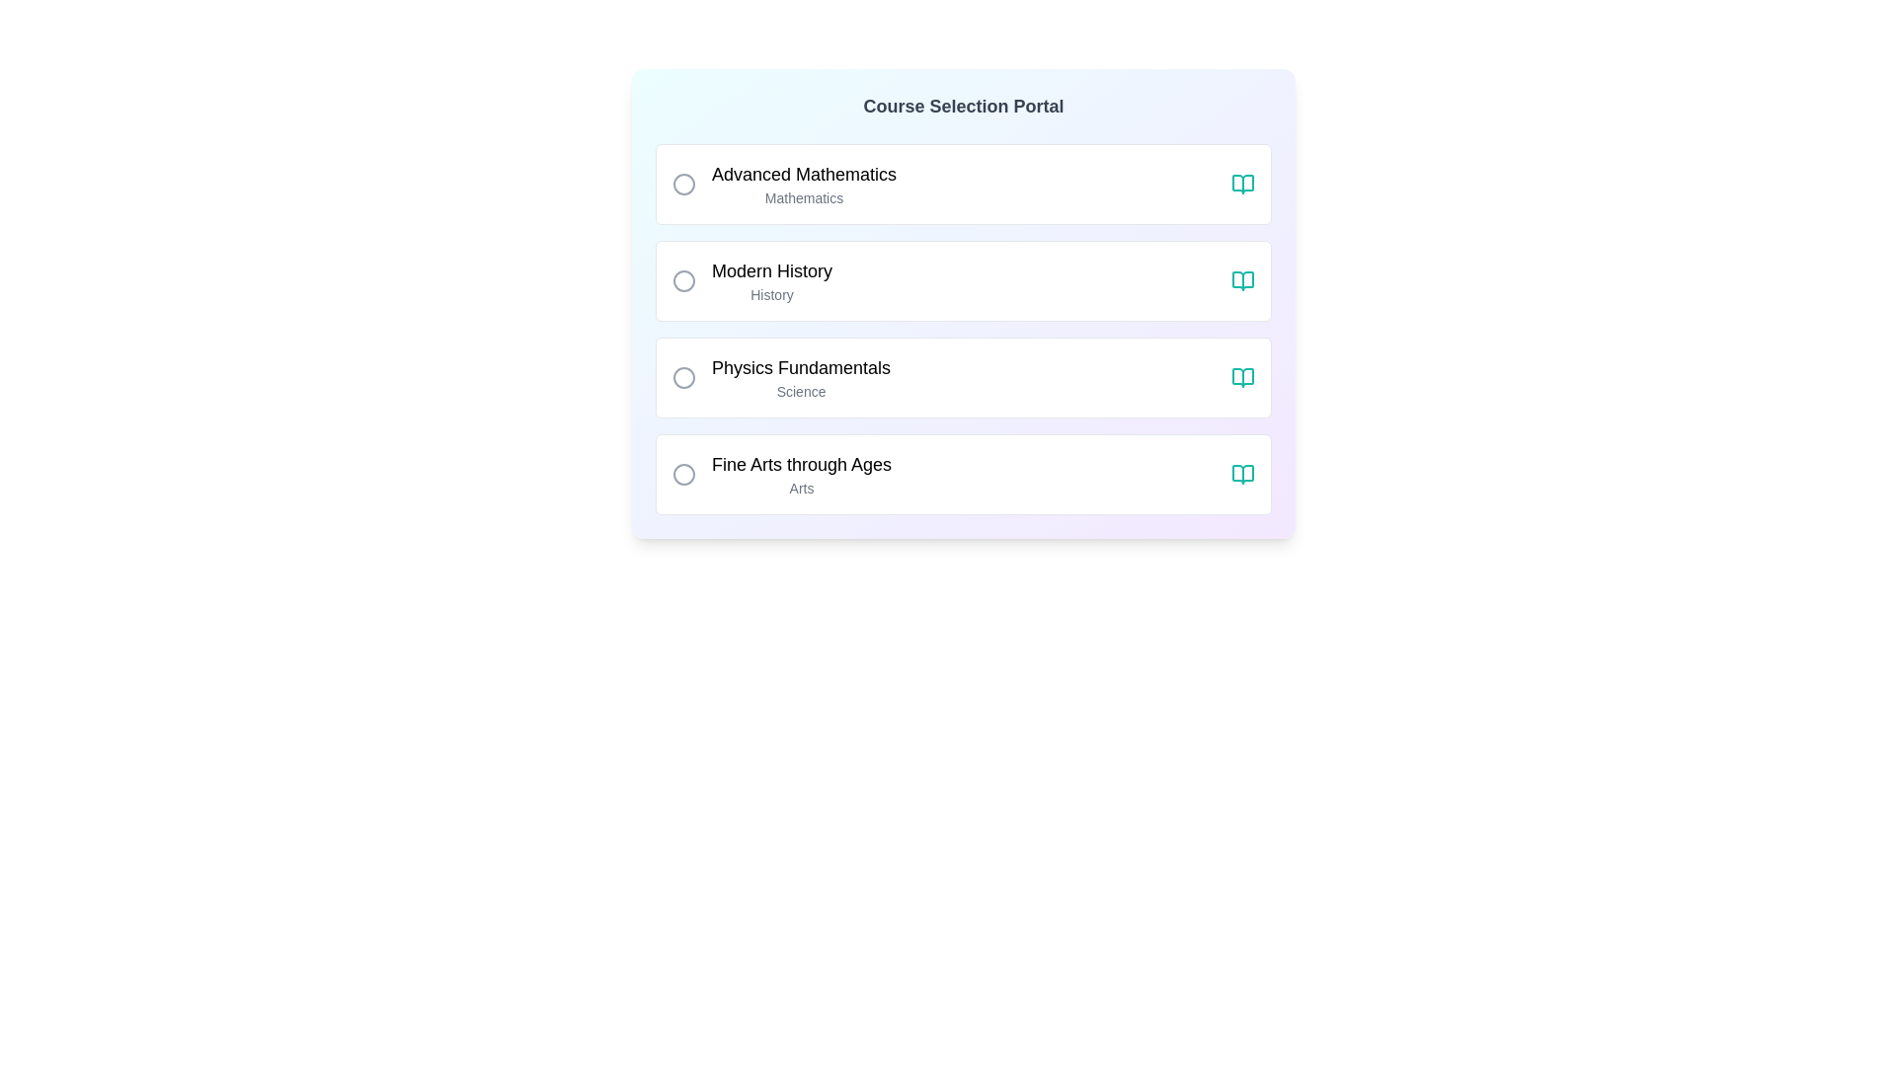 Image resolution: width=1896 pixels, height=1066 pixels. Describe the element at coordinates (963, 377) in the screenshot. I see `the selectable list item with the title 'Physics Fundamentals' in the 'Course Selection Portal'` at that location.